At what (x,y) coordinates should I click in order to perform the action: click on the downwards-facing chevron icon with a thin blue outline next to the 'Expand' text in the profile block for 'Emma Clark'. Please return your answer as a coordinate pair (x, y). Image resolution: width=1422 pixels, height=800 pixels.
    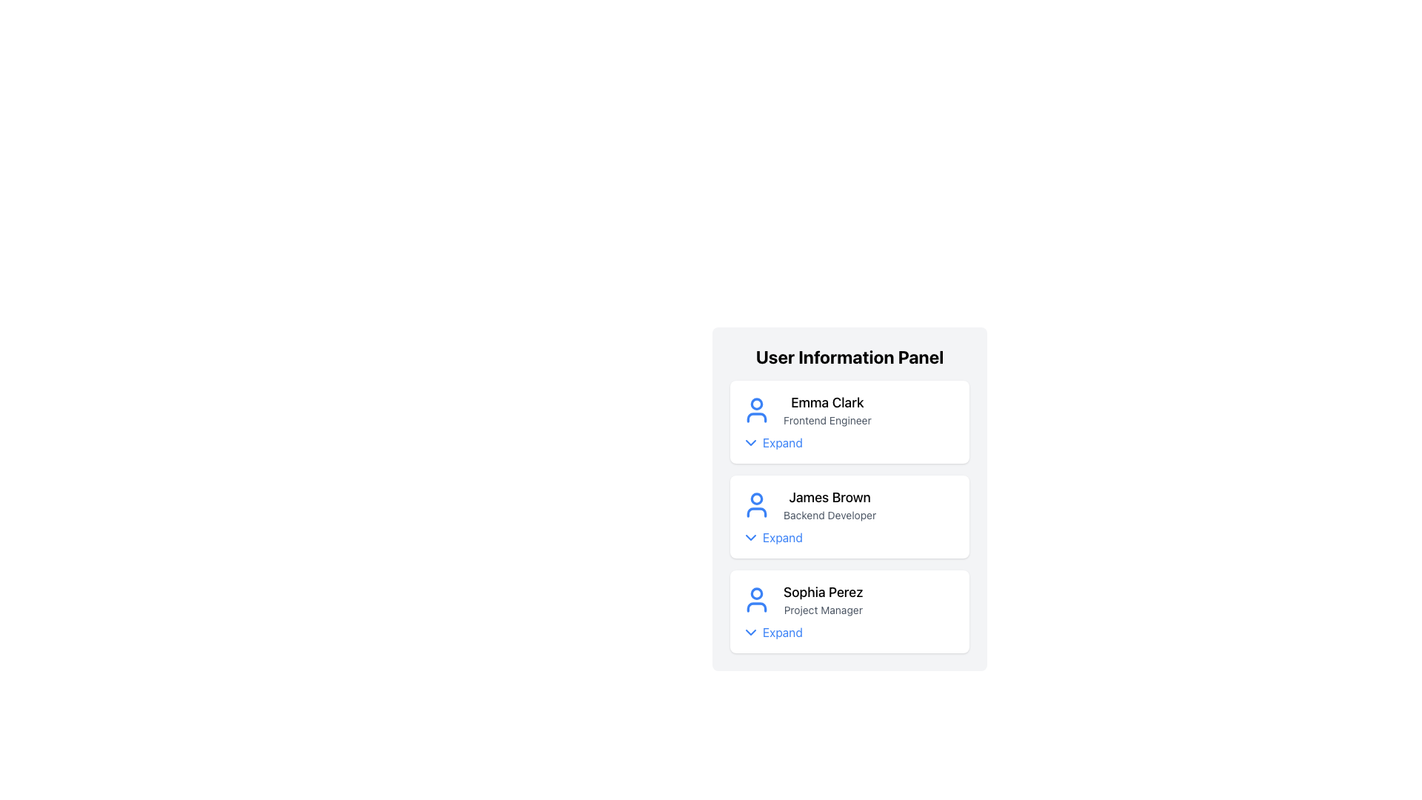
    Looking at the image, I should click on (750, 441).